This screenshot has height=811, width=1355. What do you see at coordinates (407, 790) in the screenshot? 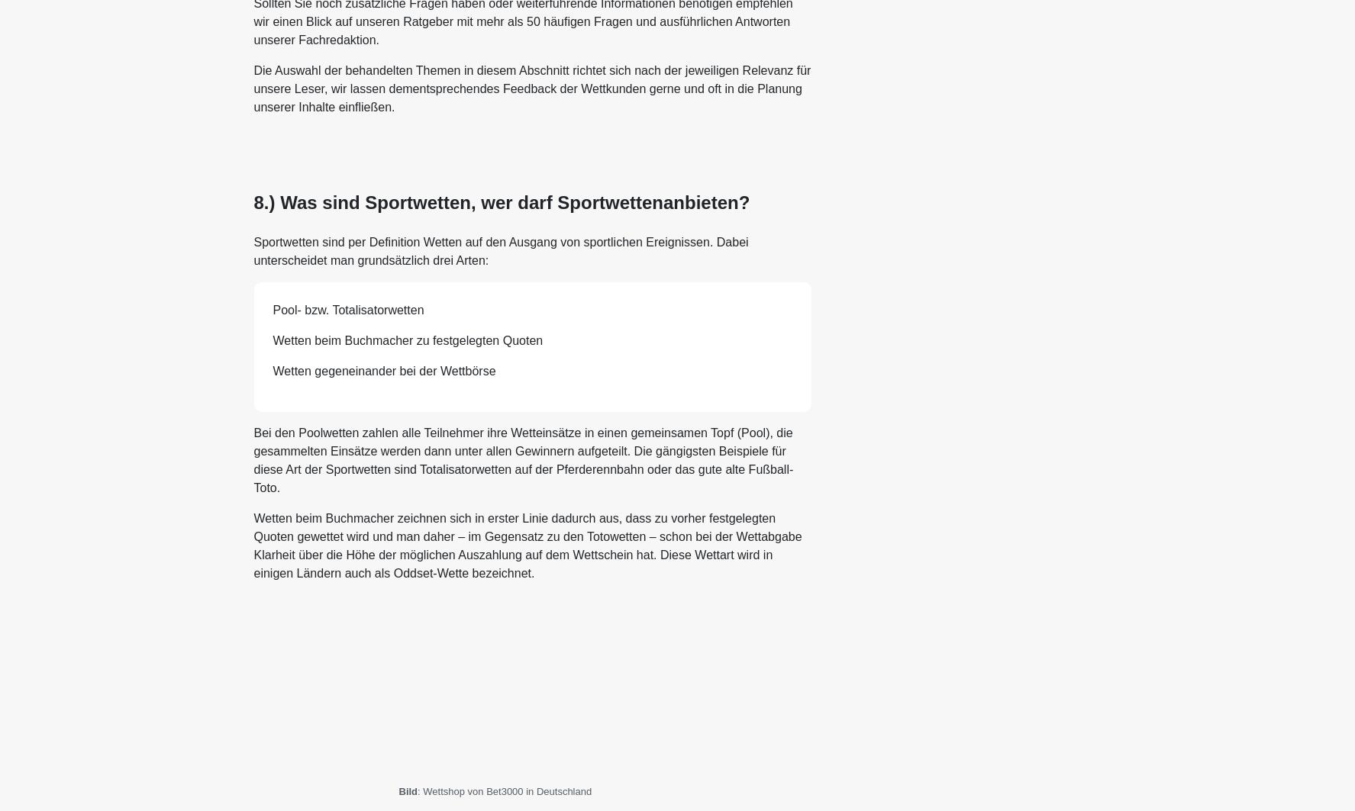
I see `'Bild'` at bounding box center [407, 790].